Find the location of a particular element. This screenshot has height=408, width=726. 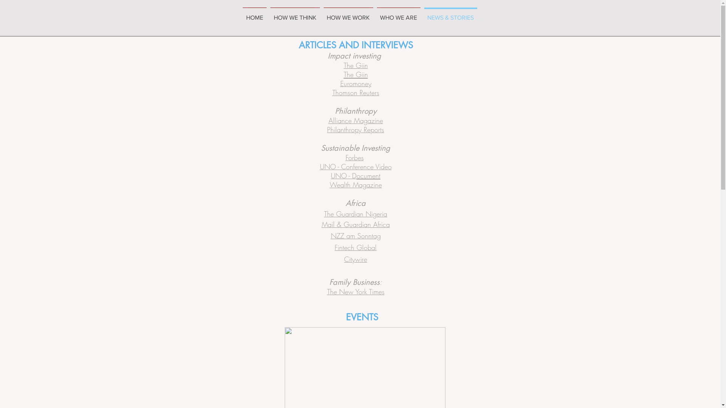

'Citywire' is located at coordinates (344, 259).